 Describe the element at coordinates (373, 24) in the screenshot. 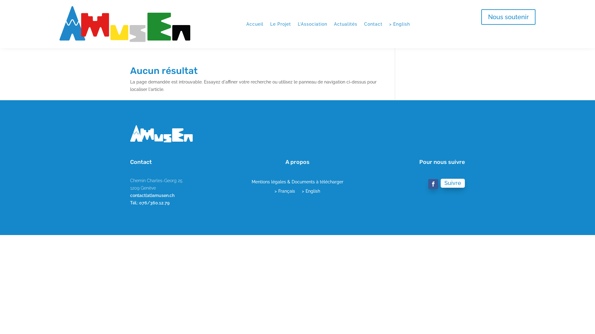

I see `'Contact'` at that location.